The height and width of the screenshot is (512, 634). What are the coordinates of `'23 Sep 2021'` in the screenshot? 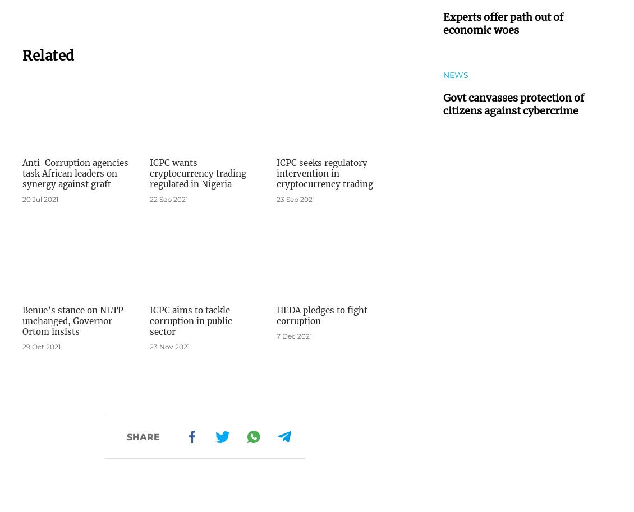 It's located at (296, 199).